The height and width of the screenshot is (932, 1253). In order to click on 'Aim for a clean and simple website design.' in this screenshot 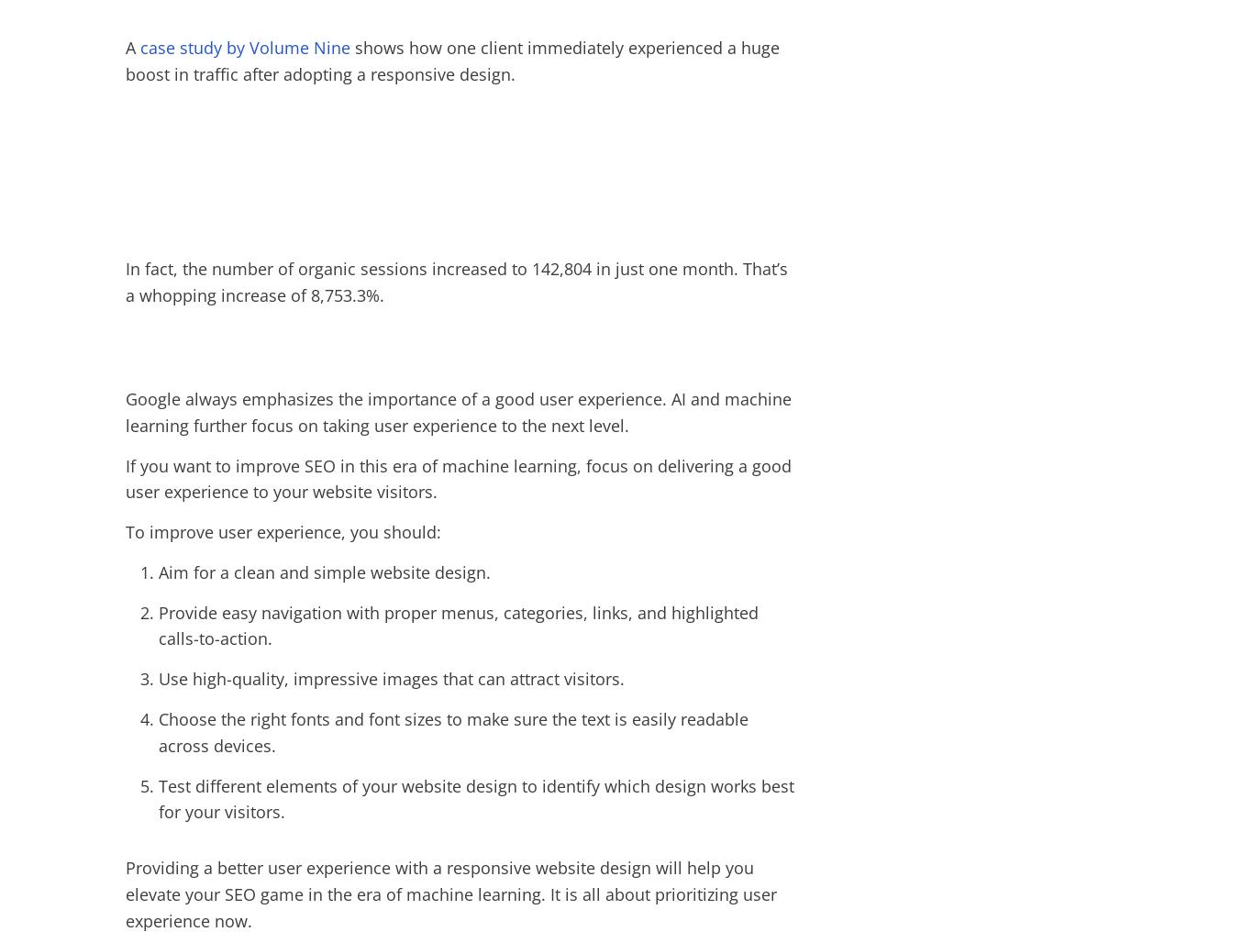, I will do `click(324, 571)`.